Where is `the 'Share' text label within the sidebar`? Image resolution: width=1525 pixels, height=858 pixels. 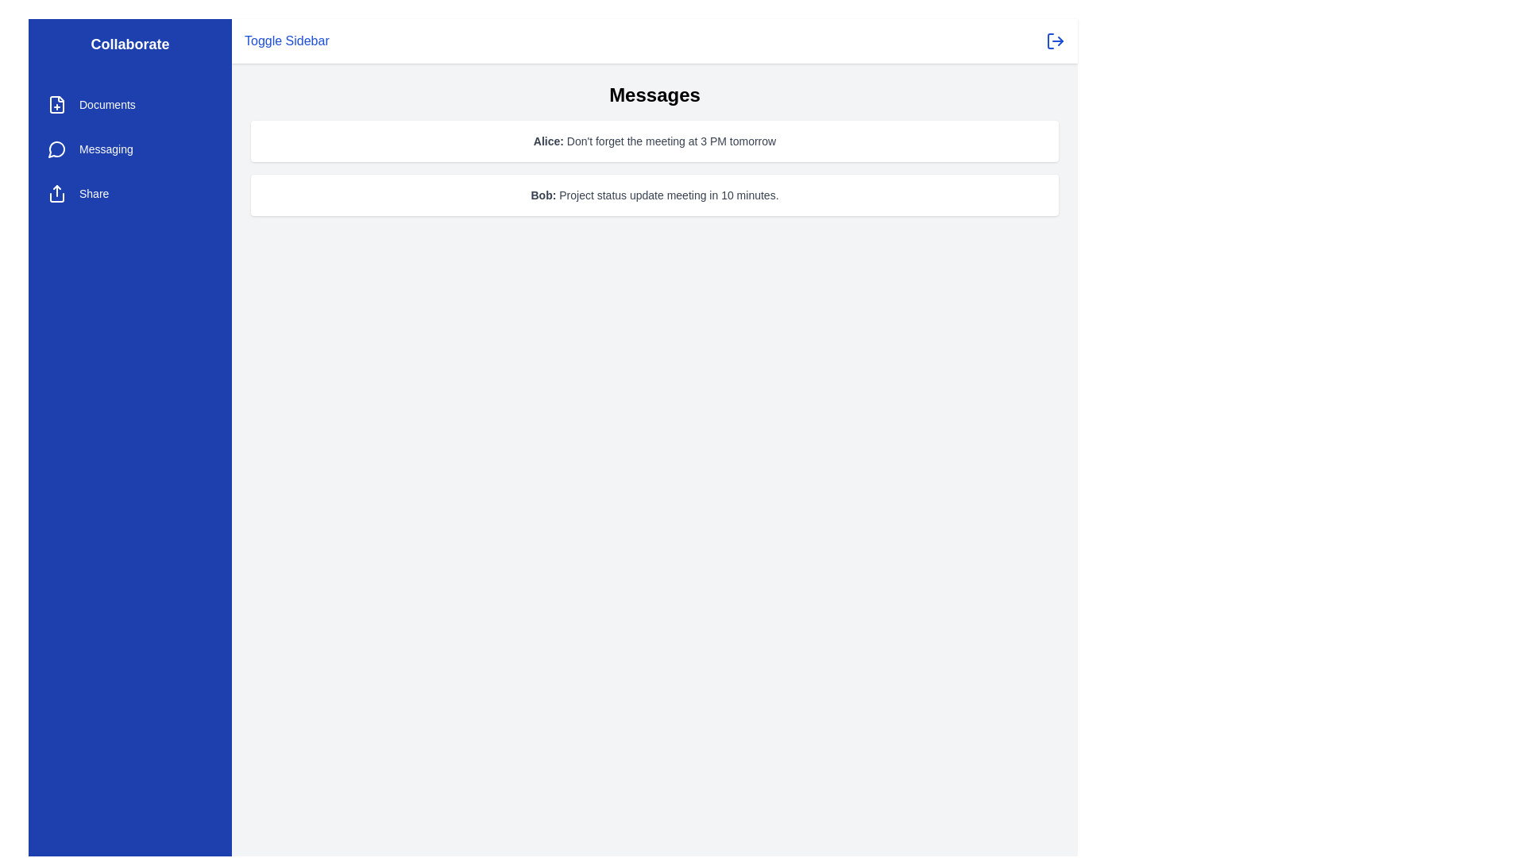 the 'Share' text label within the sidebar is located at coordinates (93, 192).